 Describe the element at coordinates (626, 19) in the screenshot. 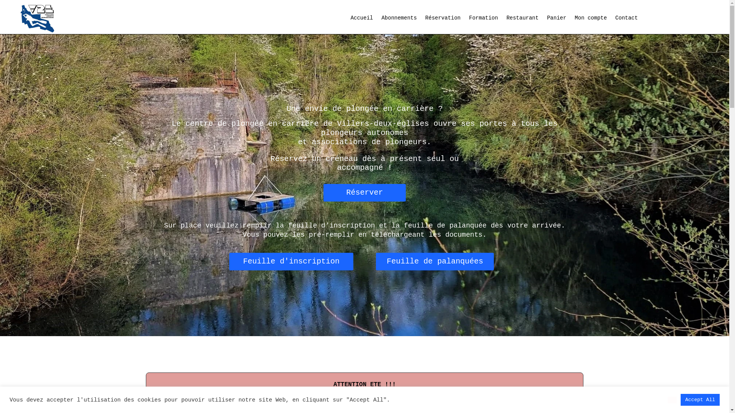

I see `'Contact'` at that location.